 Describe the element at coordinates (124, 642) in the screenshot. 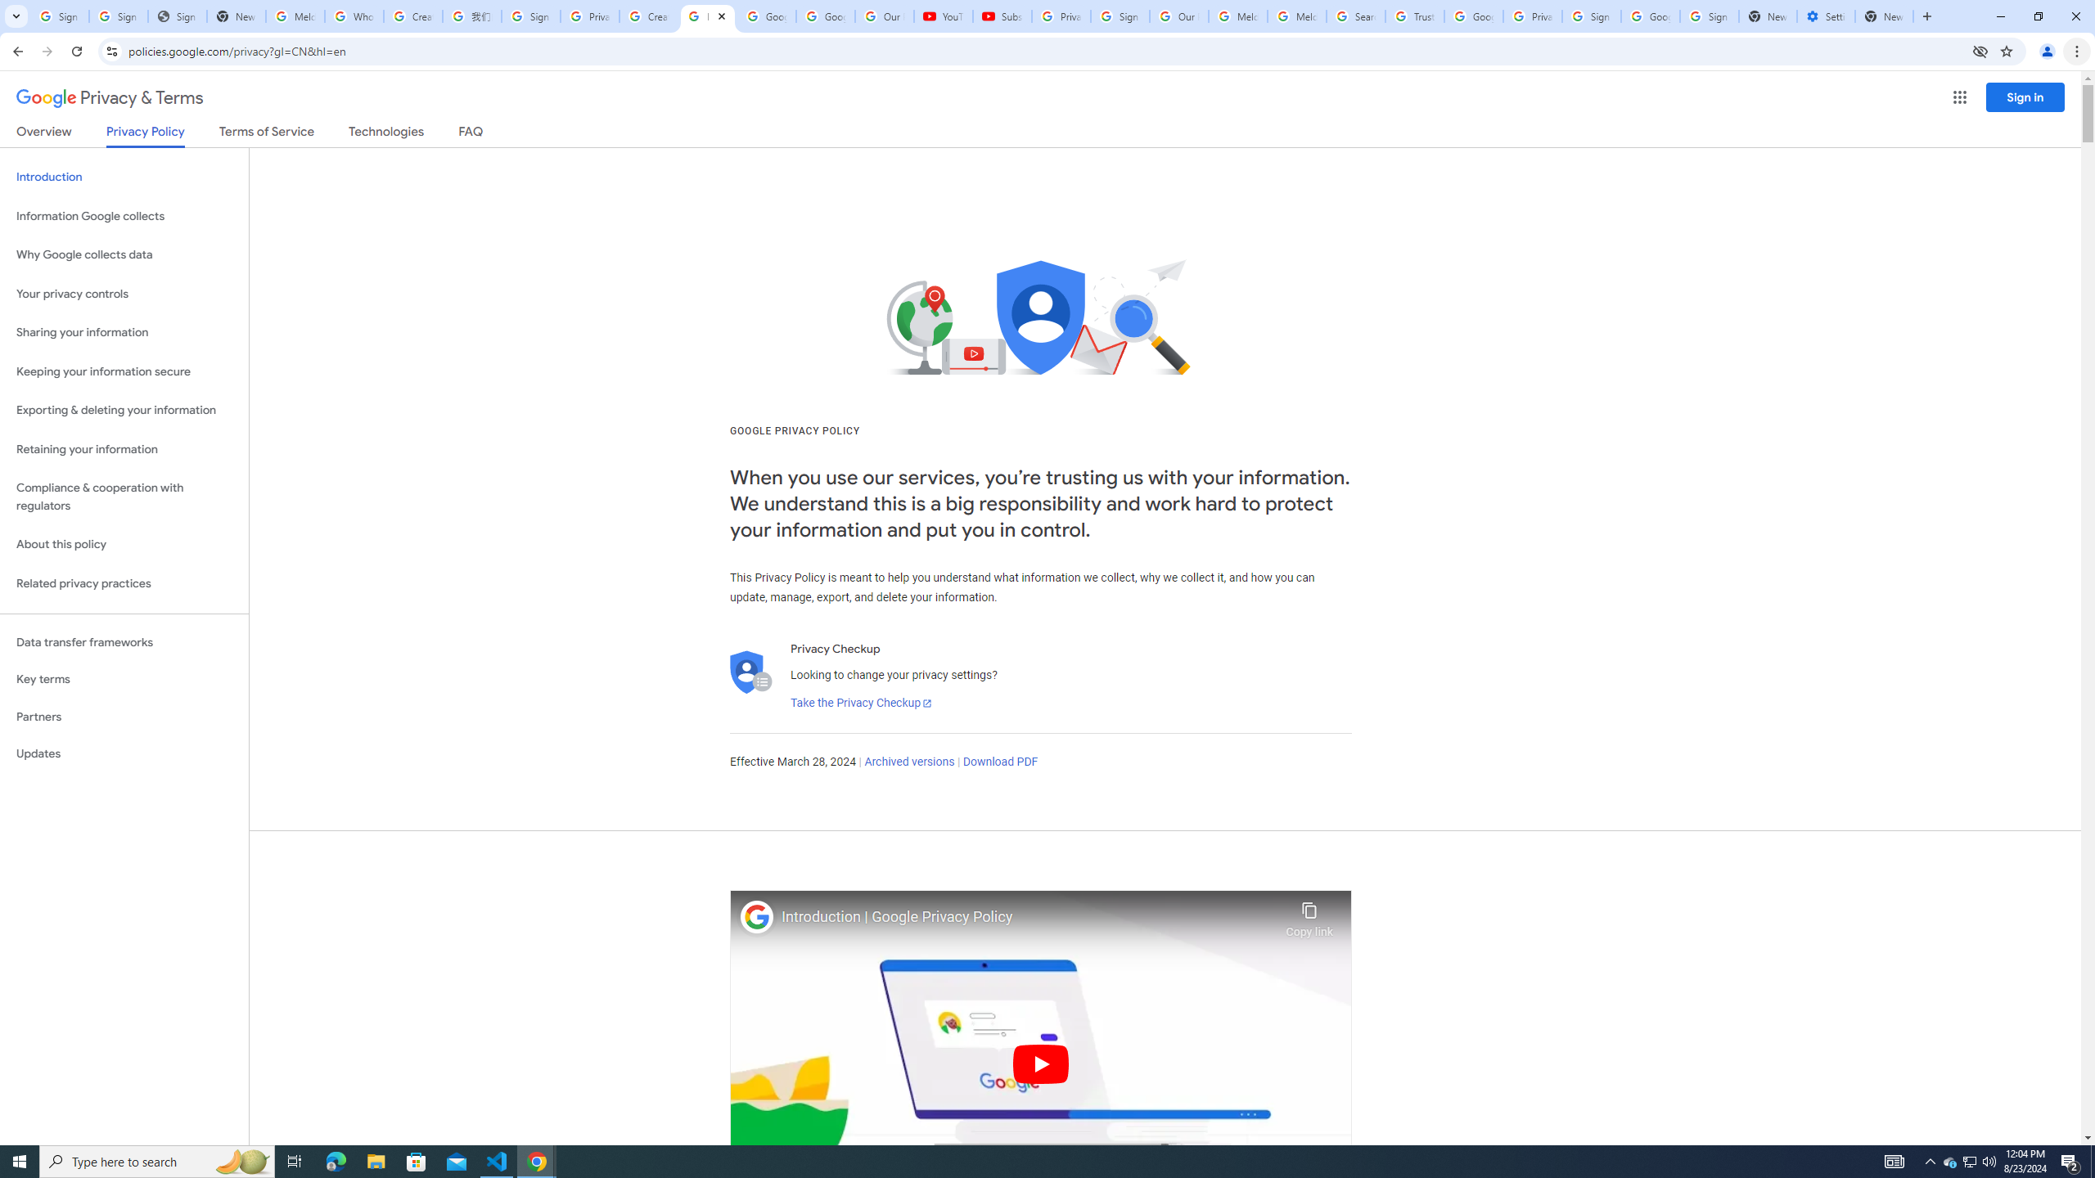

I see `'Data transfer frameworks'` at that location.